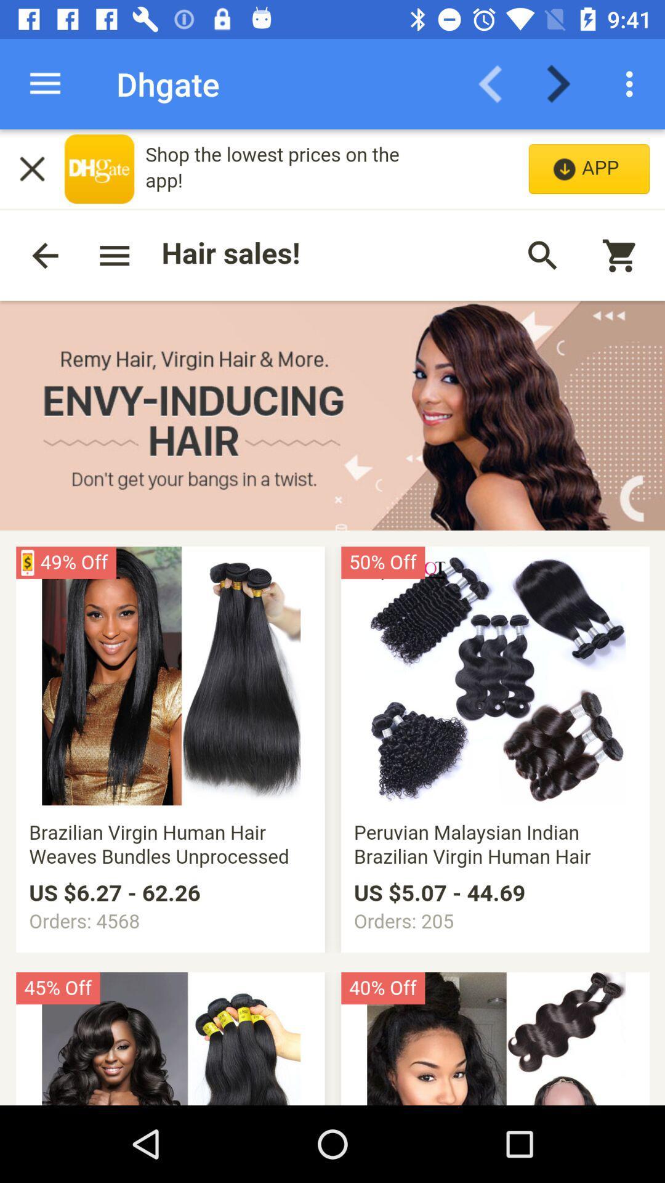  What do you see at coordinates (332, 617) in the screenshot?
I see `review this site` at bounding box center [332, 617].